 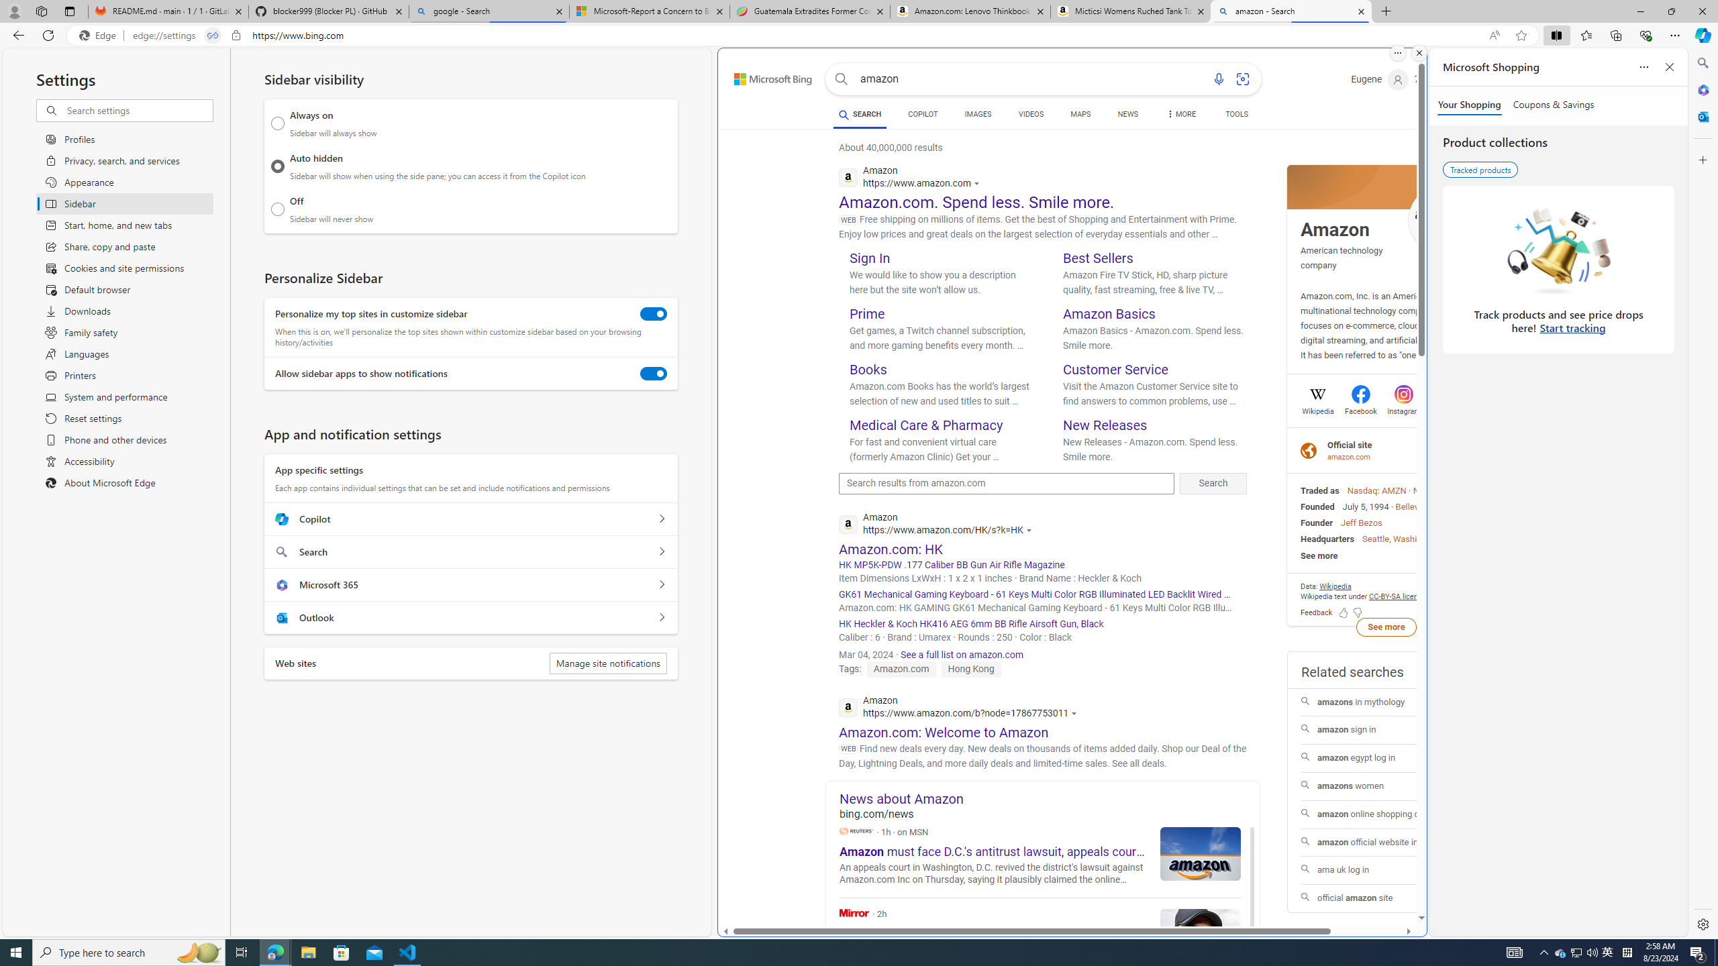 What do you see at coordinates (1385, 898) in the screenshot?
I see `'official amazon site'` at bounding box center [1385, 898].